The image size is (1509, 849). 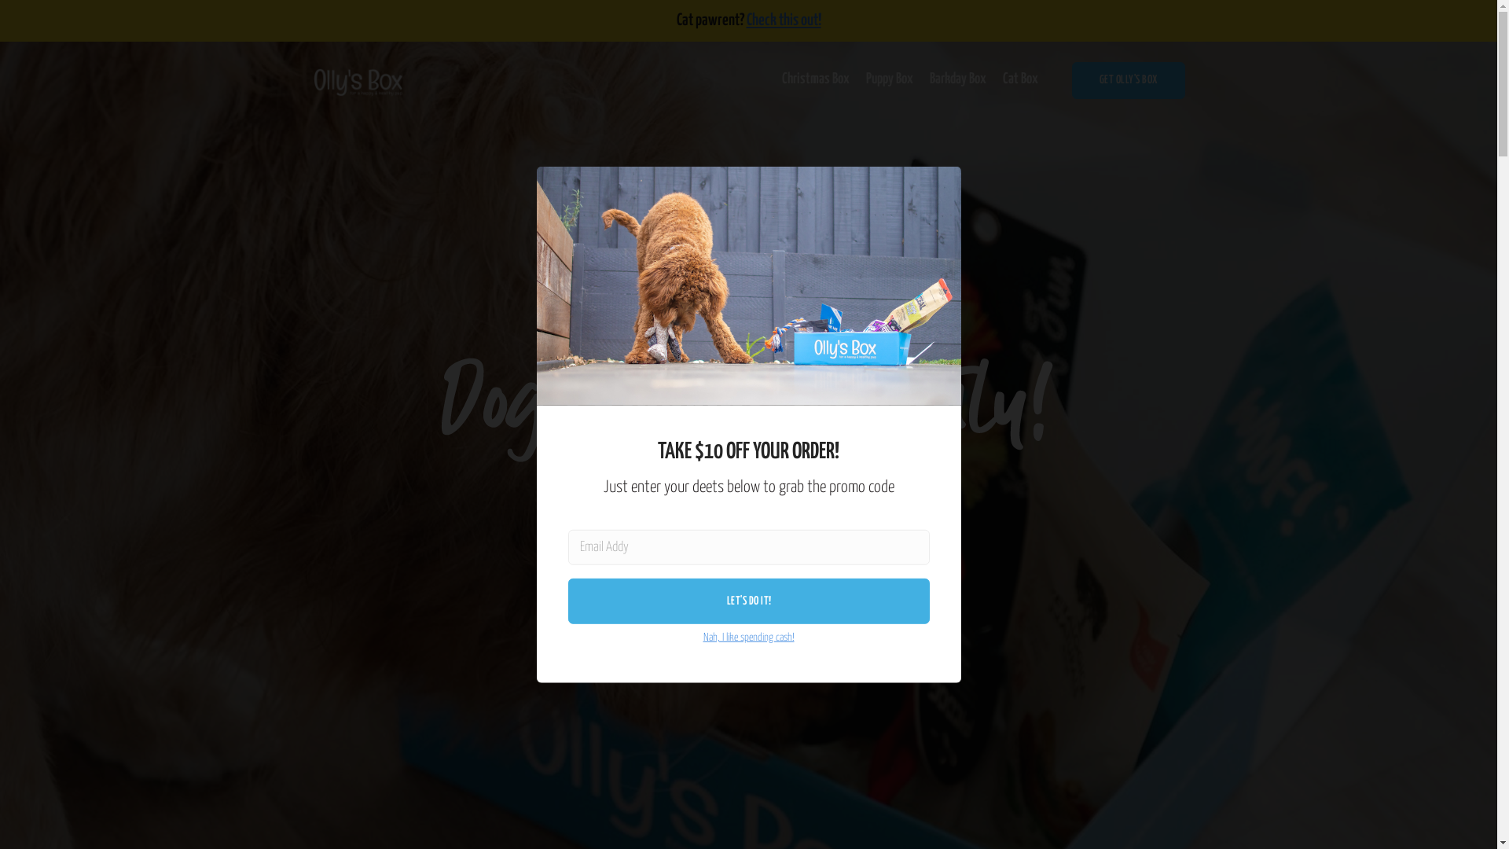 I want to click on 'LET'S DO IT!', so click(x=748, y=601).